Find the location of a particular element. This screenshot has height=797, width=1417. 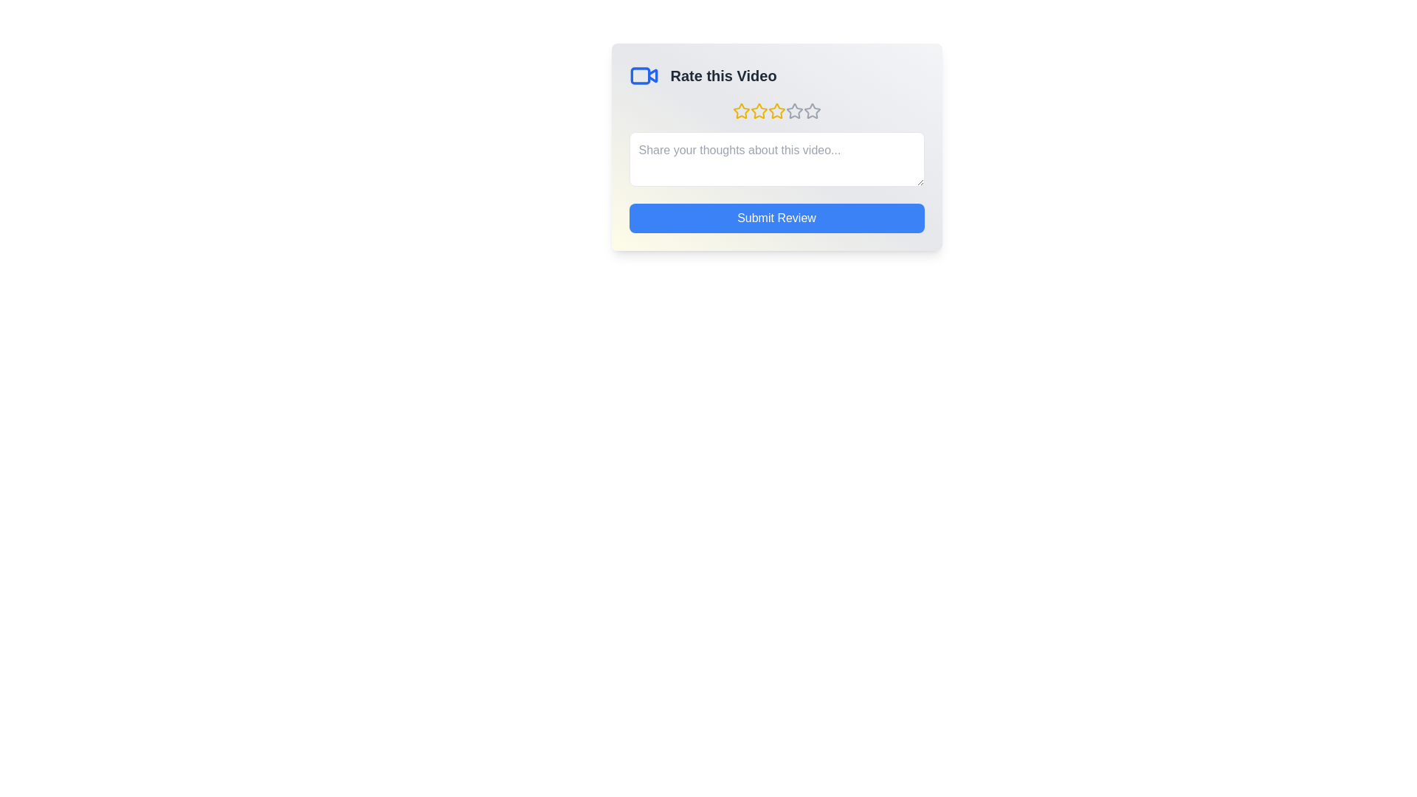

the star corresponding to 4 stars to preview the rating is located at coordinates (793, 110).